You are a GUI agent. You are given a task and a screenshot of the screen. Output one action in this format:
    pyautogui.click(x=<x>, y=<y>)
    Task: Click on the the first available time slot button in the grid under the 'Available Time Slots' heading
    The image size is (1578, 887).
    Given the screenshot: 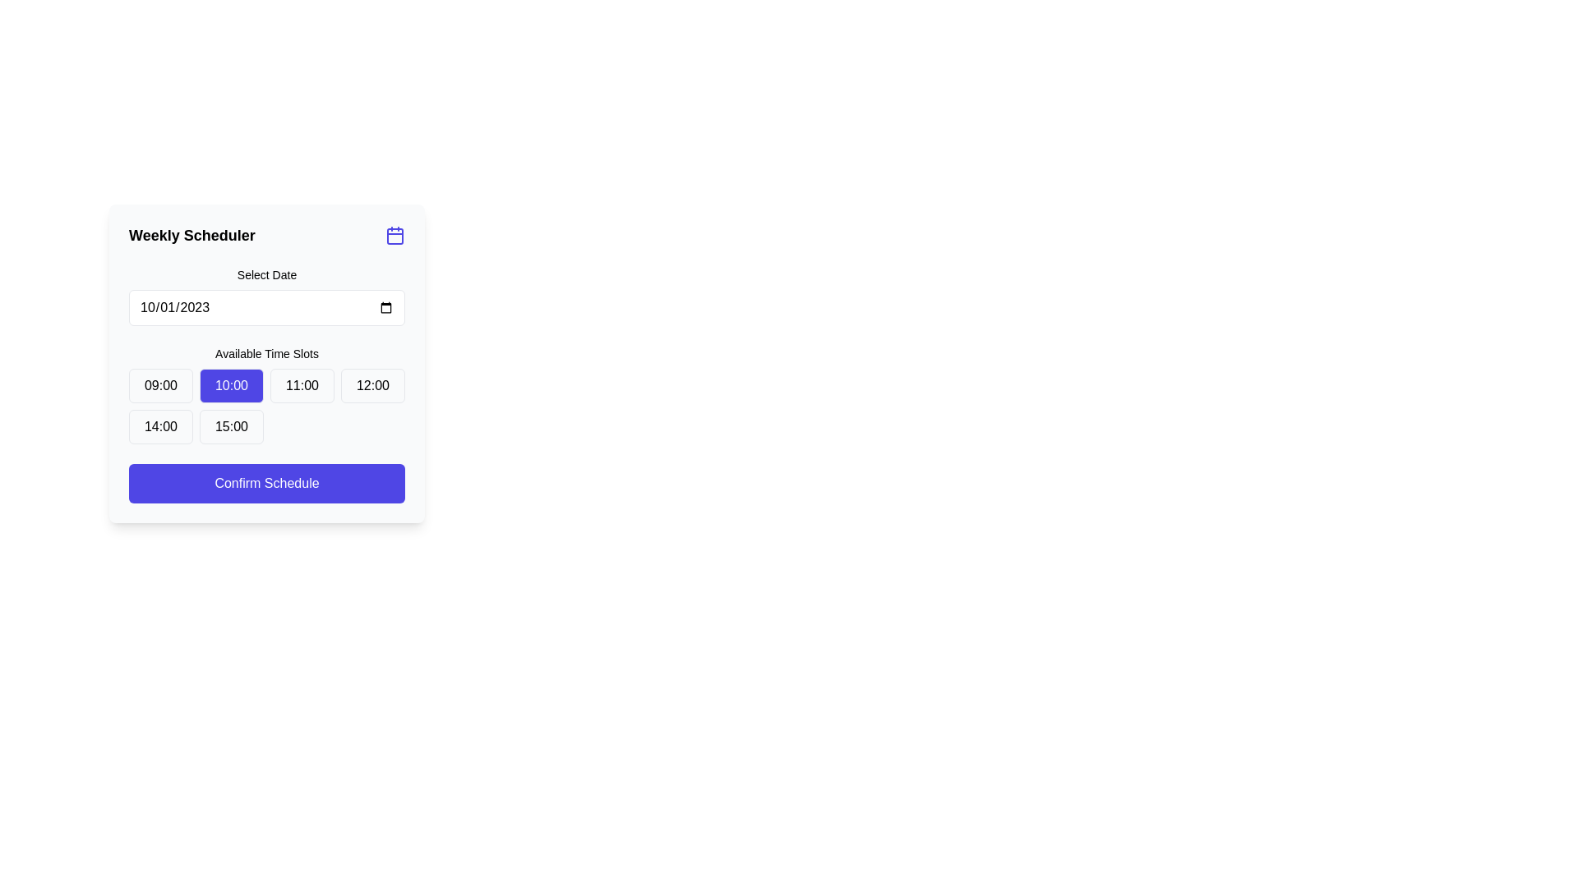 What is the action you would take?
    pyautogui.click(x=161, y=386)
    